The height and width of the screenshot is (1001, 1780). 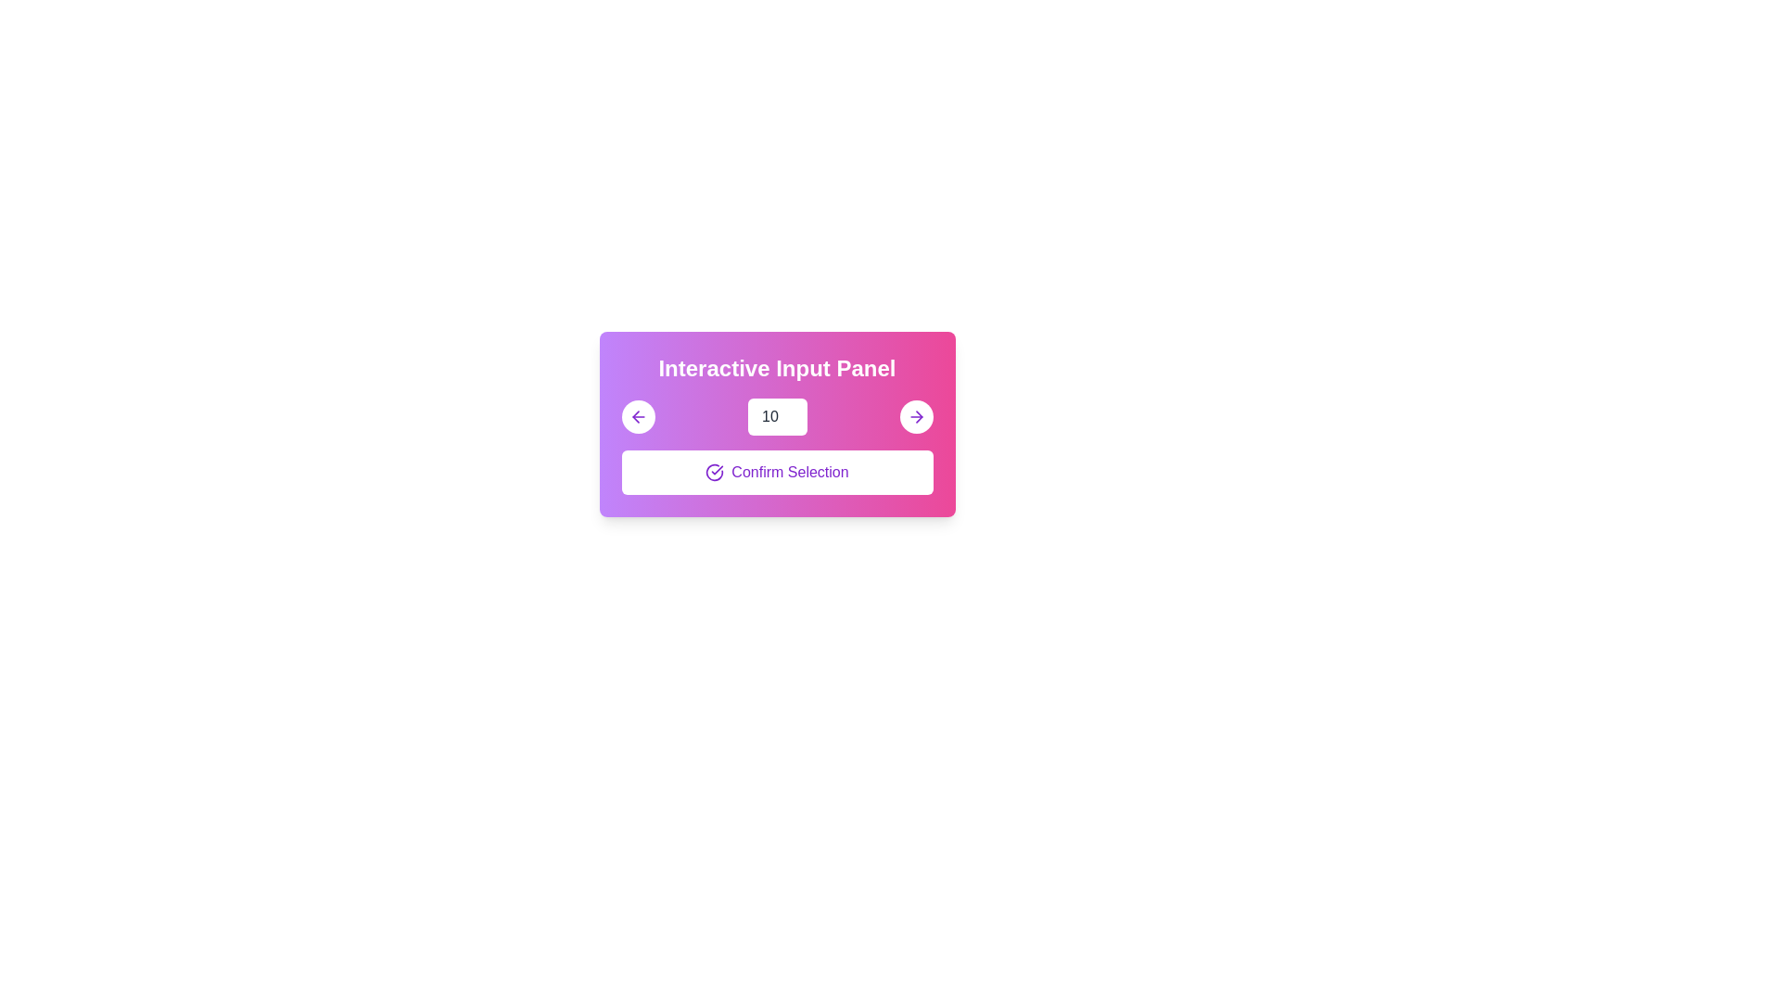 What do you see at coordinates (777, 471) in the screenshot?
I see `the confirm button located at the bottom of the 'Interactive Input Panel' box` at bounding box center [777, 471].